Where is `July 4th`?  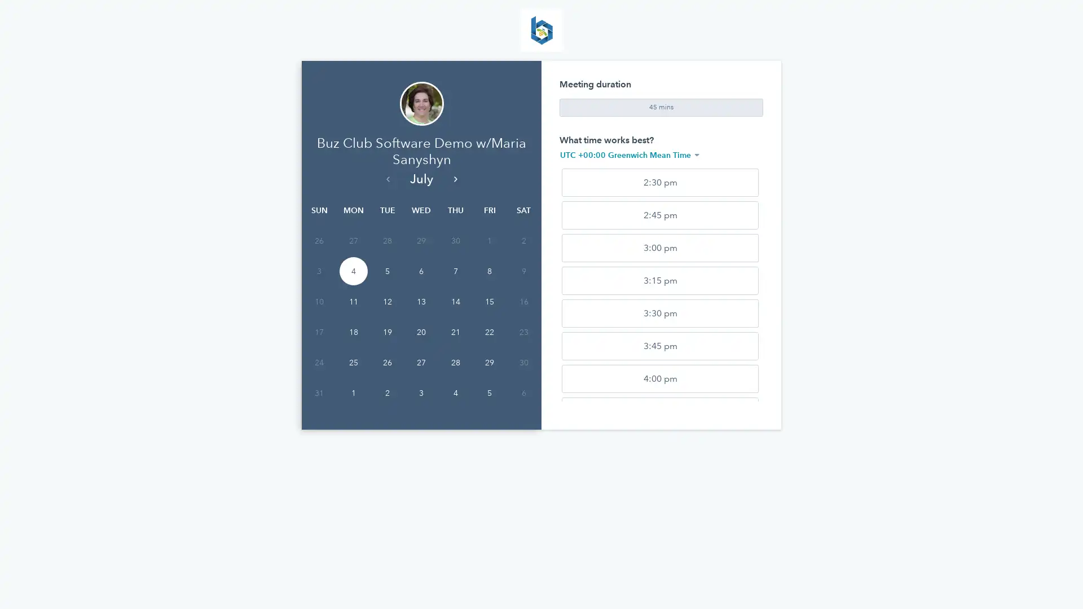
July 4th is located at coordinates (352, 271).